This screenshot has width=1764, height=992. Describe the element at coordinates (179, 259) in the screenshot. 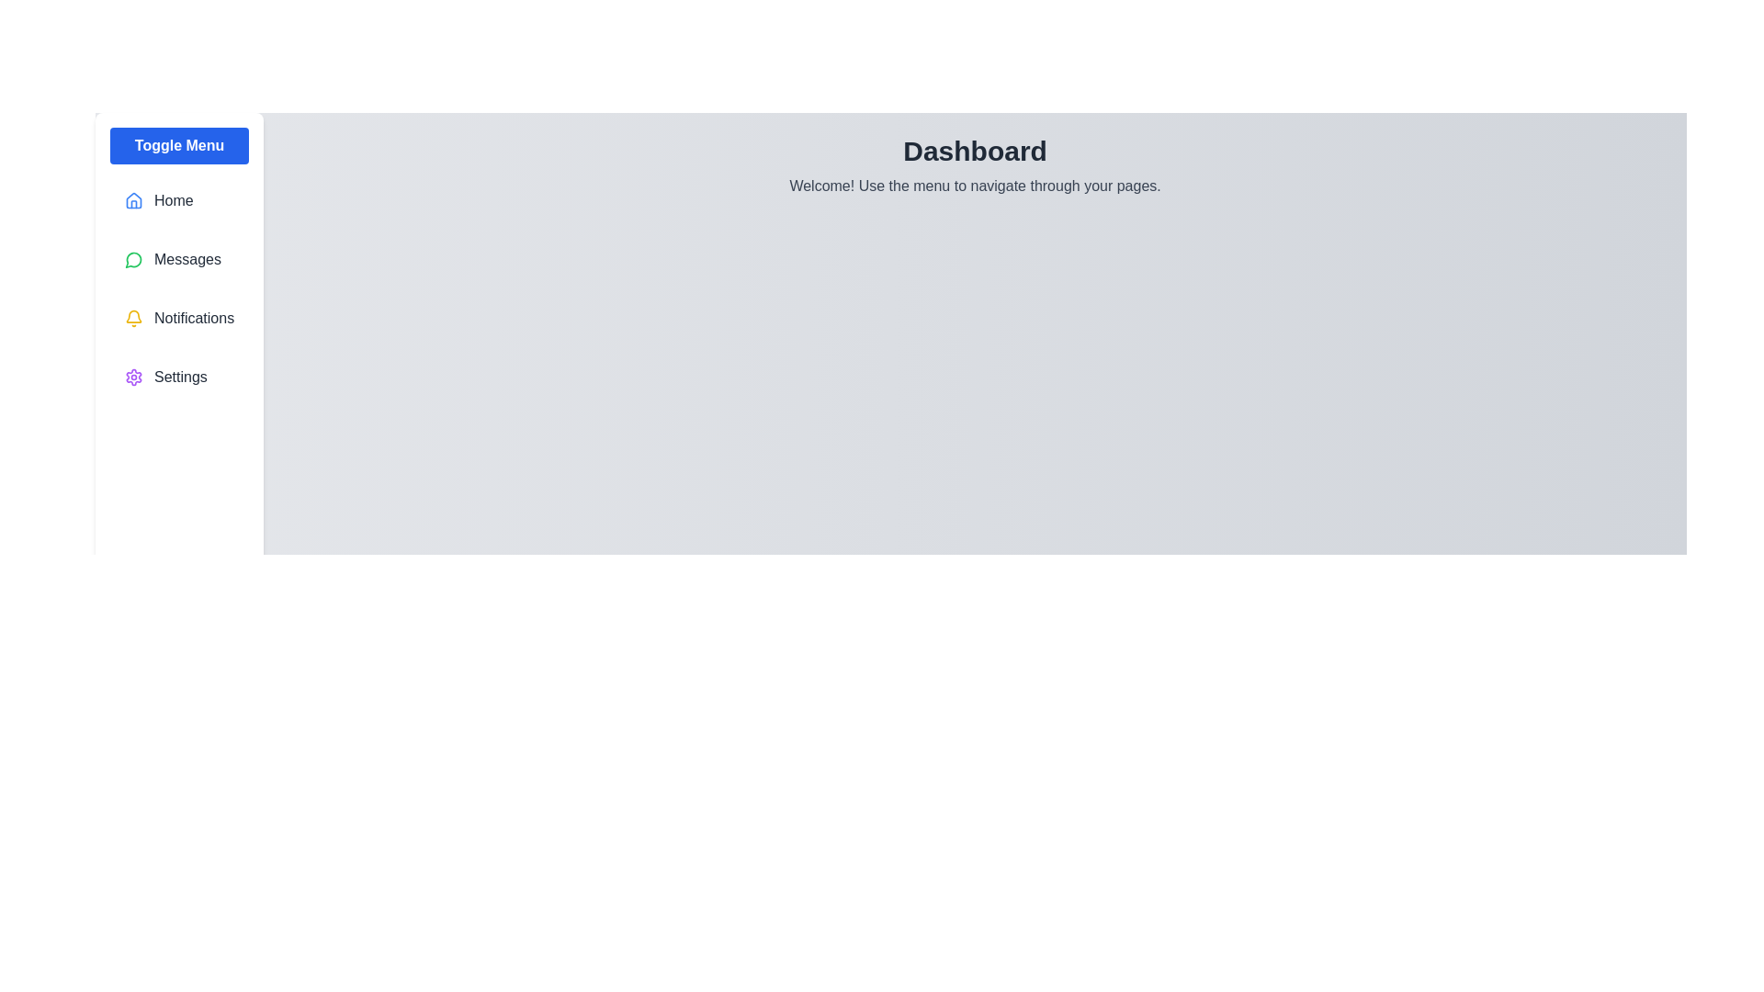

I see `the menu item Messages in the sidebar` at that location.